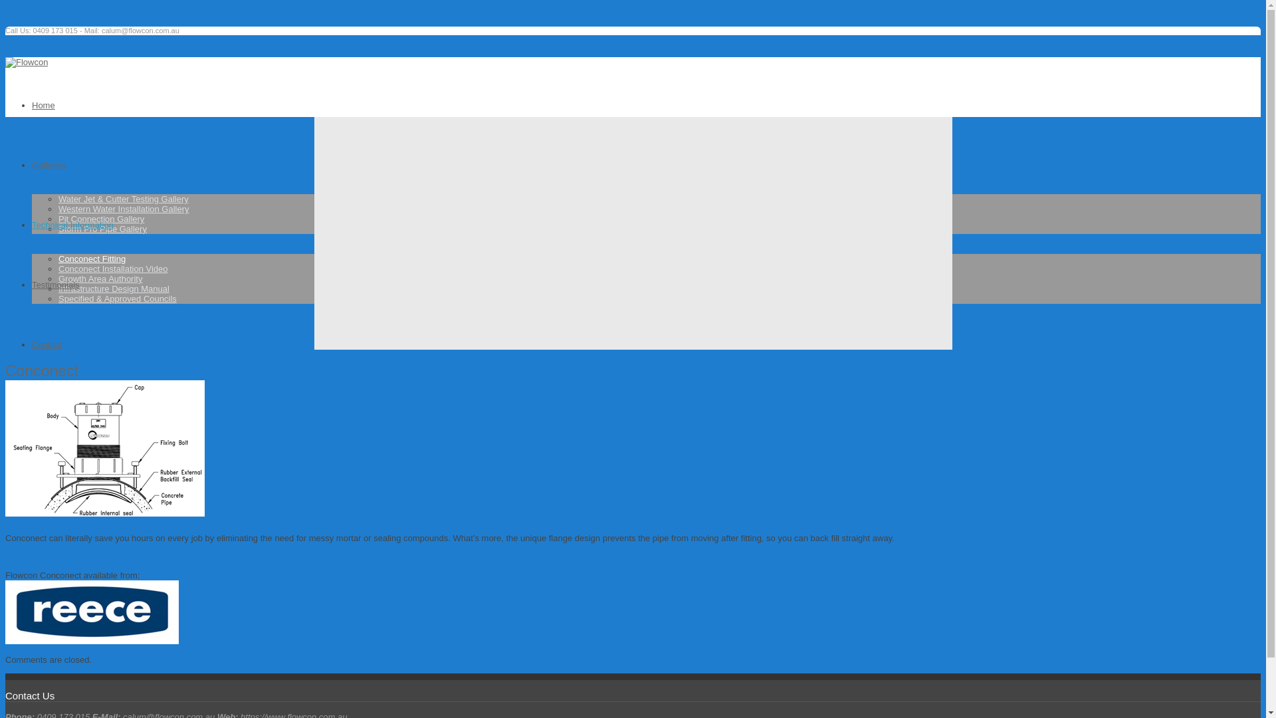 Image resolution: width=1276 pixels, height=718 pixels. Describe the element at coordinates (49, 164) in the screenshot. I see `'Galleries'` at that location.